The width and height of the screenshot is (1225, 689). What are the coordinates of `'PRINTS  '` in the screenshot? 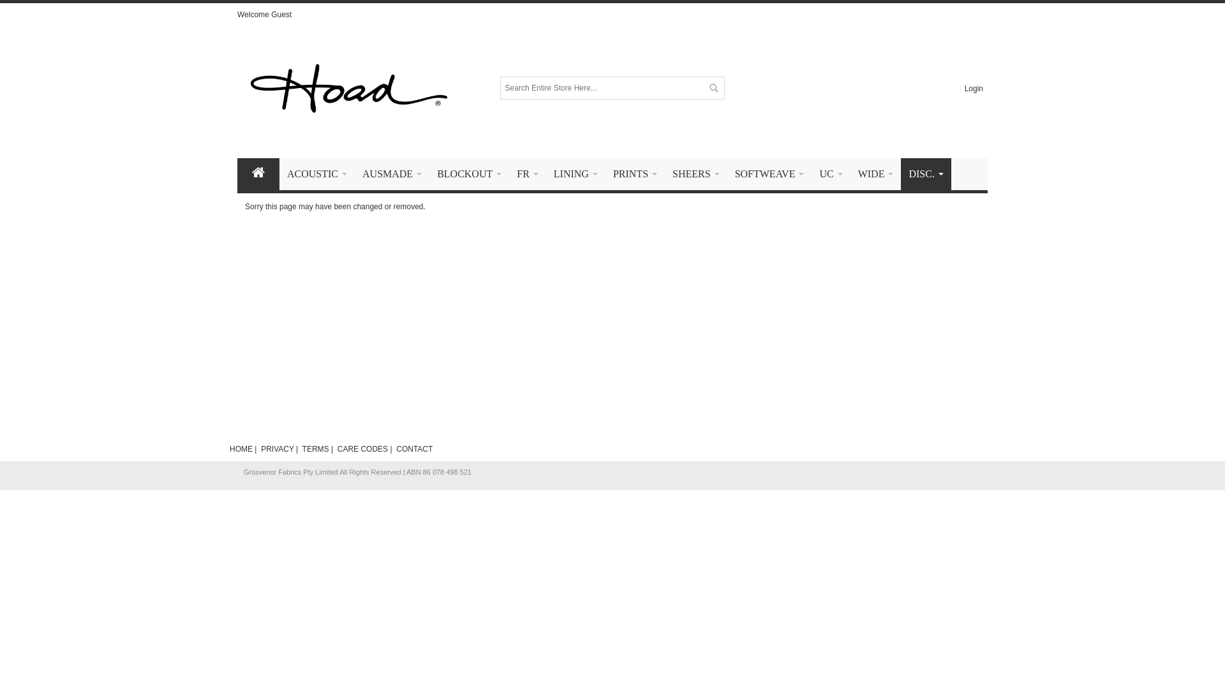 It's located at (635, 174).